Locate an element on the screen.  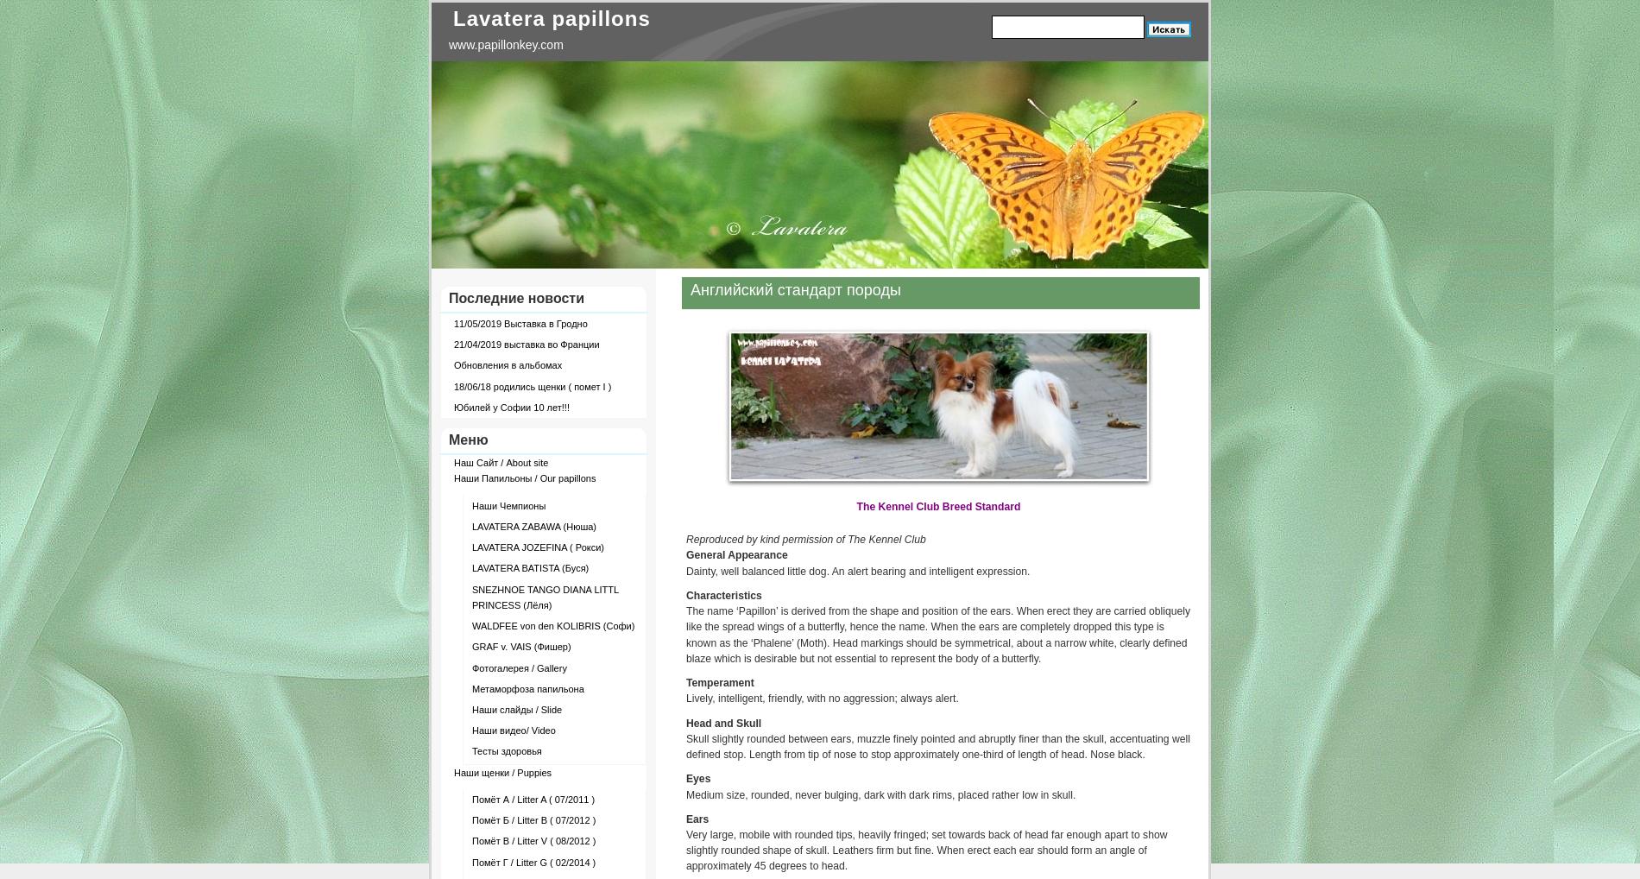
'LAVATERA ZABAWA (Нюша)' is located at coordinates (472, 525).